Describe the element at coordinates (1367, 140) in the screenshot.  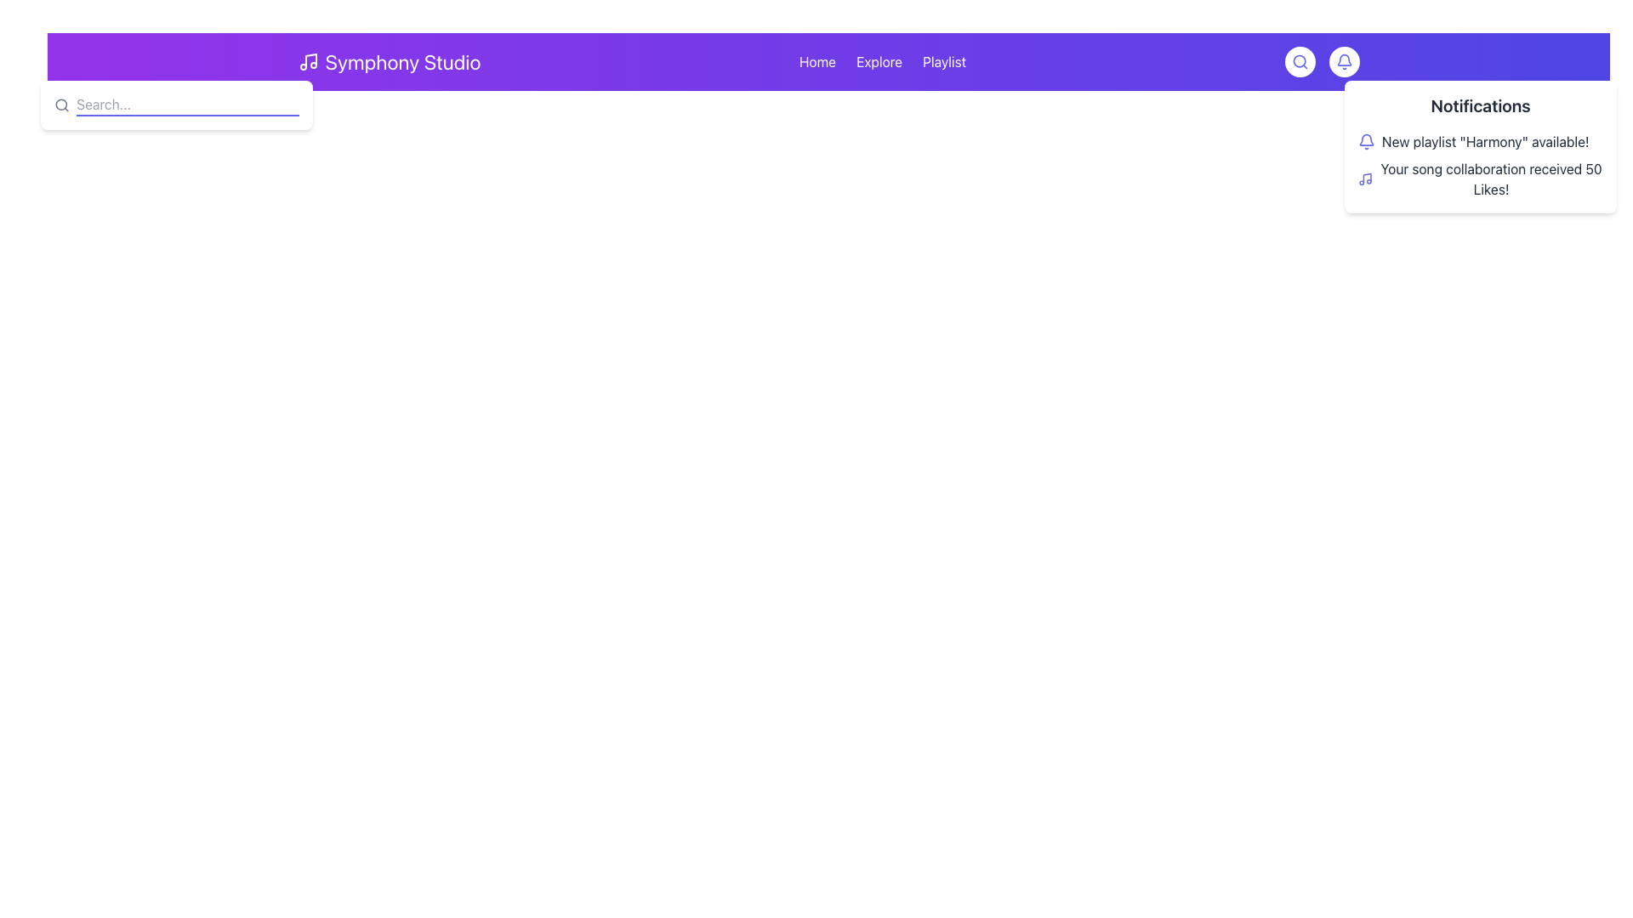
I see `the small blue bell icon with a gradient design, which indicates a notification function, located in the notification popup message to the left of the text 'New playlist "Harmony" available!'` at that location.